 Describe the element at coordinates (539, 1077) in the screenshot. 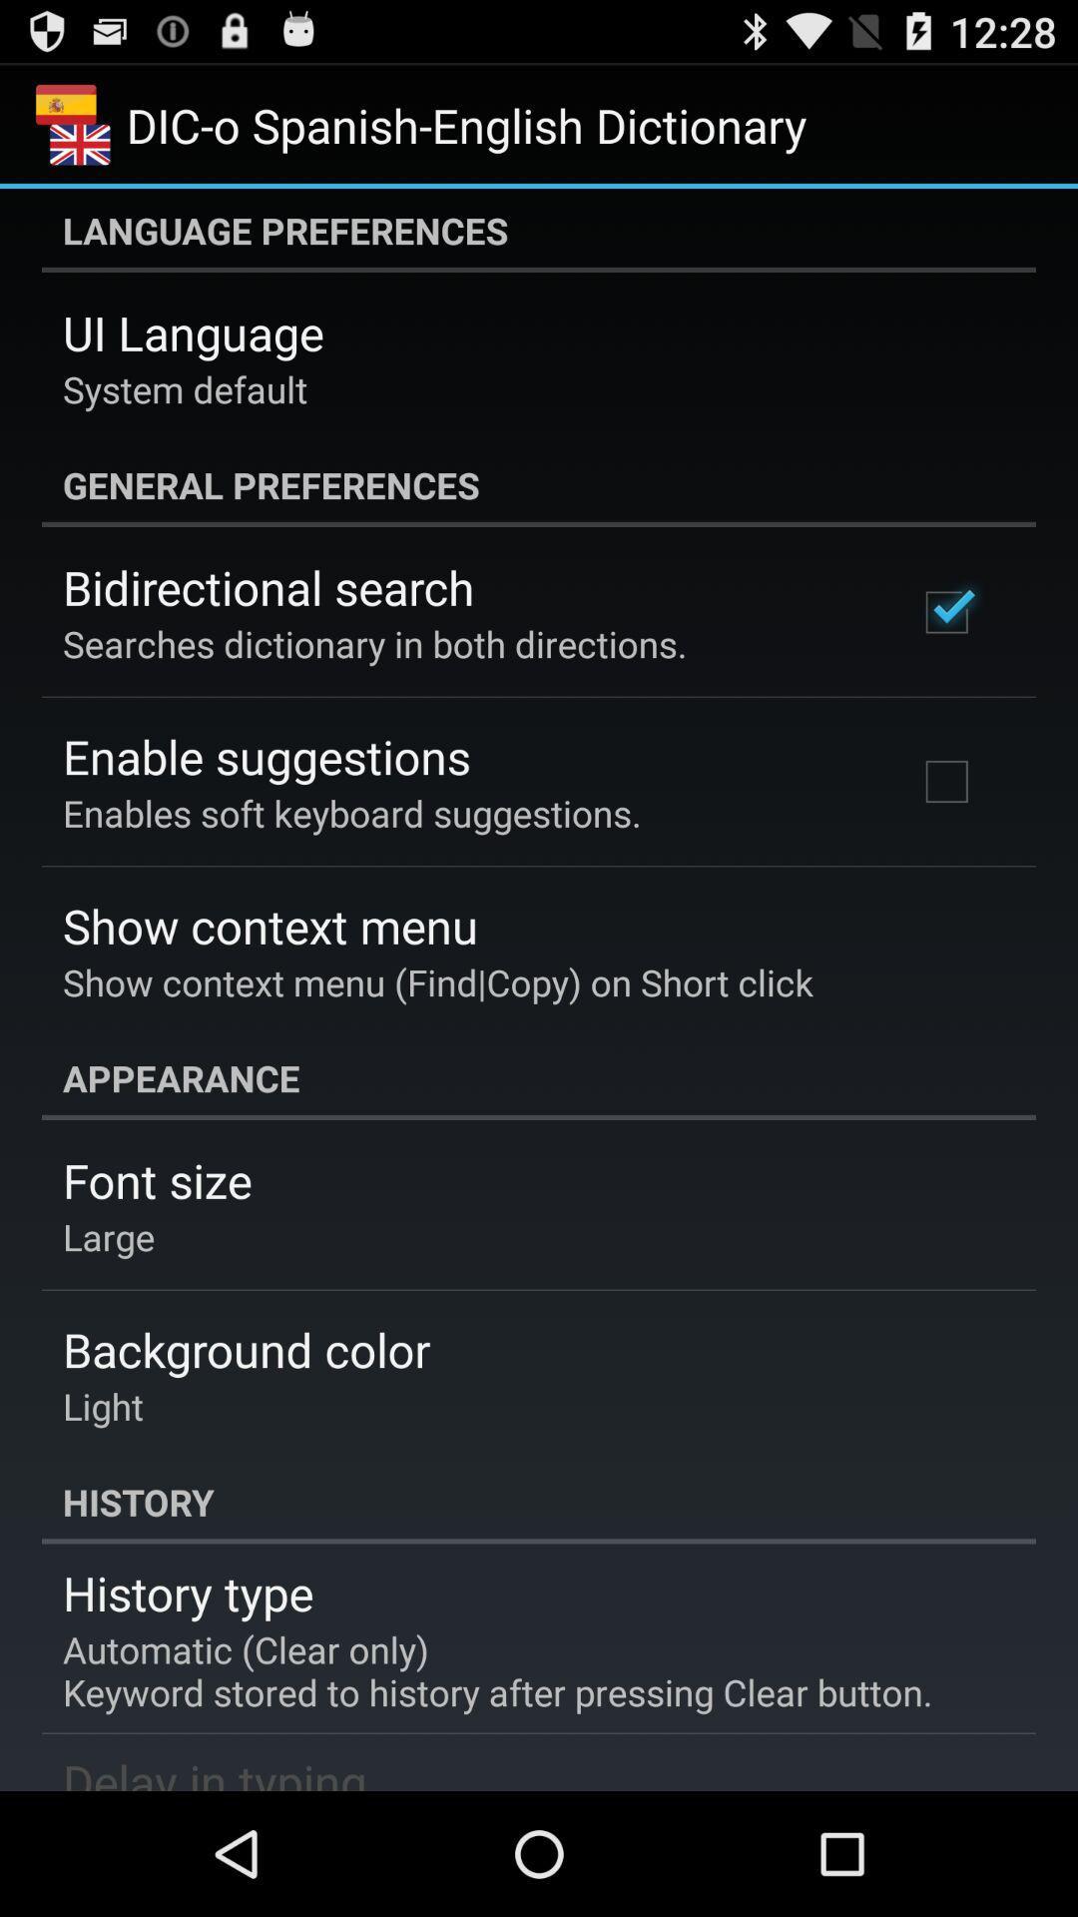

I see `icon above the font size` at that location.